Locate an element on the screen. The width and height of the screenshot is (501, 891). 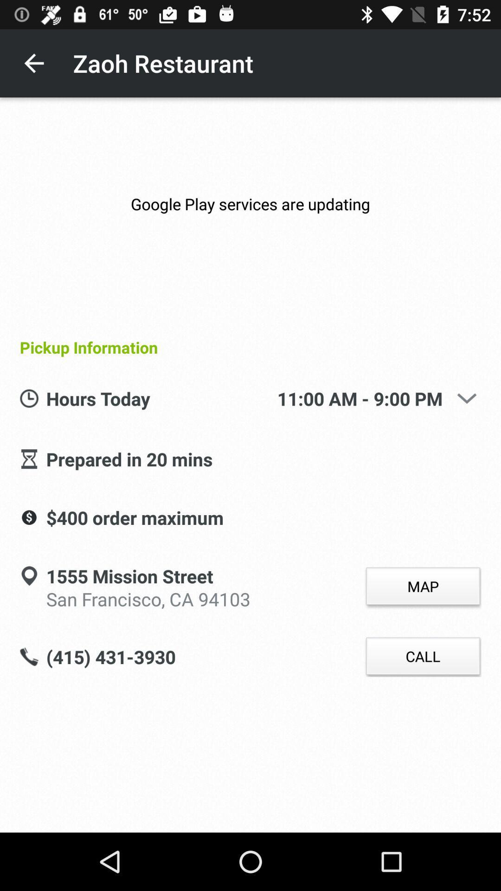
icon to the left of the map item is located at coordinates (129, 576).